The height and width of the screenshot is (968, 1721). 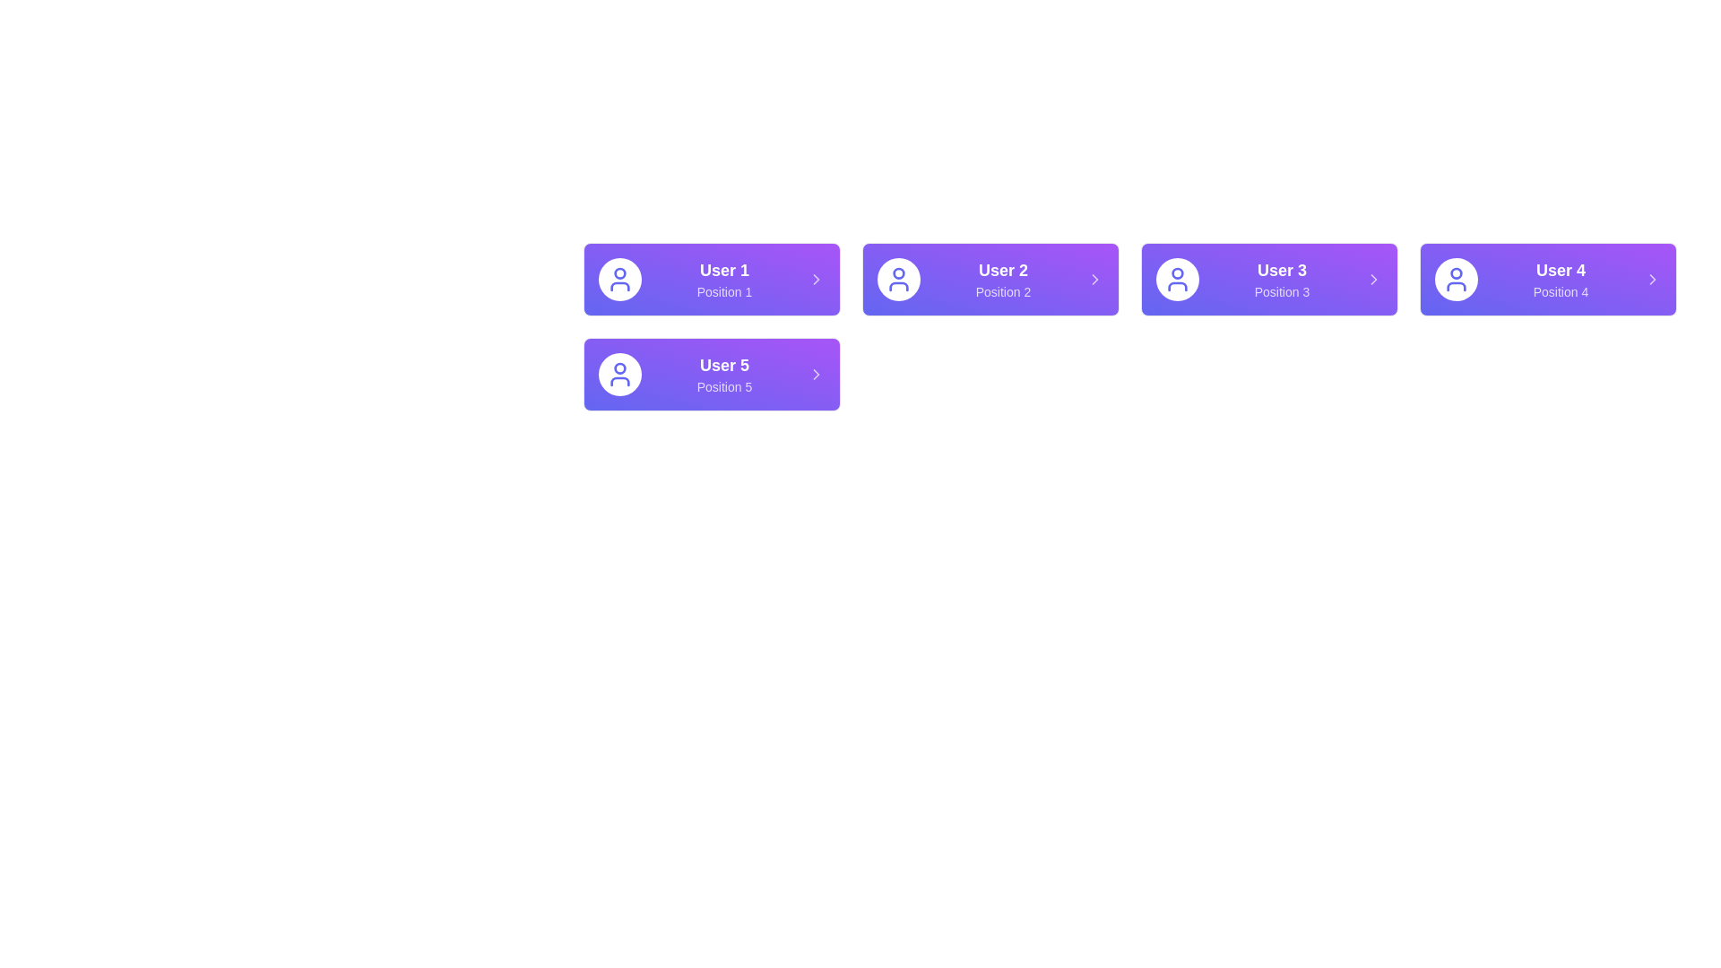 I want to click on the highly stylized user profile icon, which is indigo and circular, so click(x=899, y=280).